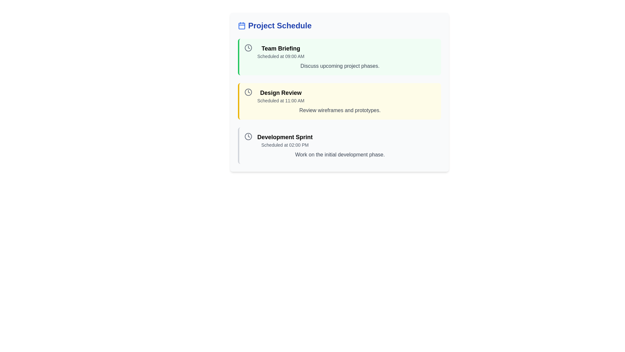  I want to click on the blue calendar icon that is positioned immediately before the text 'Project Schedule', so click(241, 25).